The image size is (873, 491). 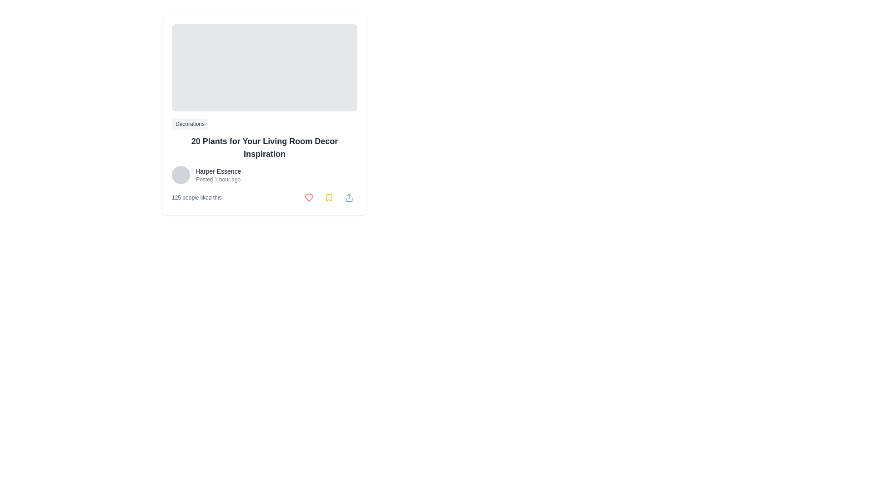 What do you see at coordinates (309, 197) in the screenshot?
I see `the heart icon button located directly below the number of likes, which allows users to express a 'like' or favorite action for the associated content` at bounding box center [309, 197].